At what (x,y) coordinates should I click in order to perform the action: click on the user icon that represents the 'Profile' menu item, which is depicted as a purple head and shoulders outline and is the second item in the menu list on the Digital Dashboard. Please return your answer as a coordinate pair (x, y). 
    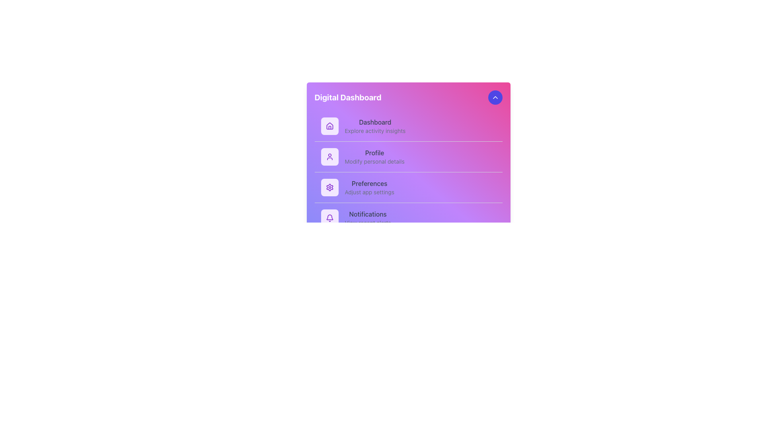
    Looking at the image, I should click on (329, 156).